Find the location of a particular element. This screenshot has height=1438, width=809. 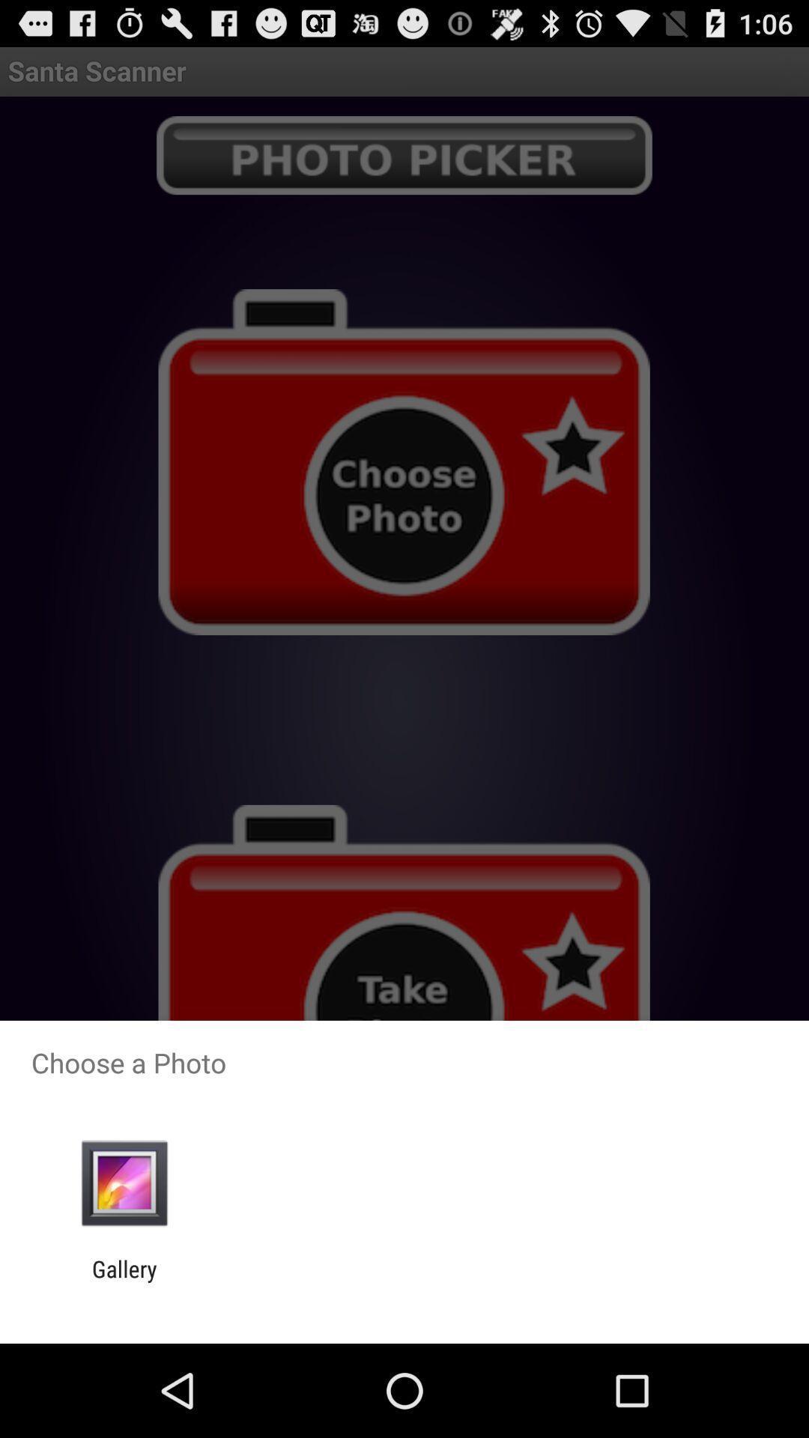

the icon above gallery item is located at coordinates (124, 1183).